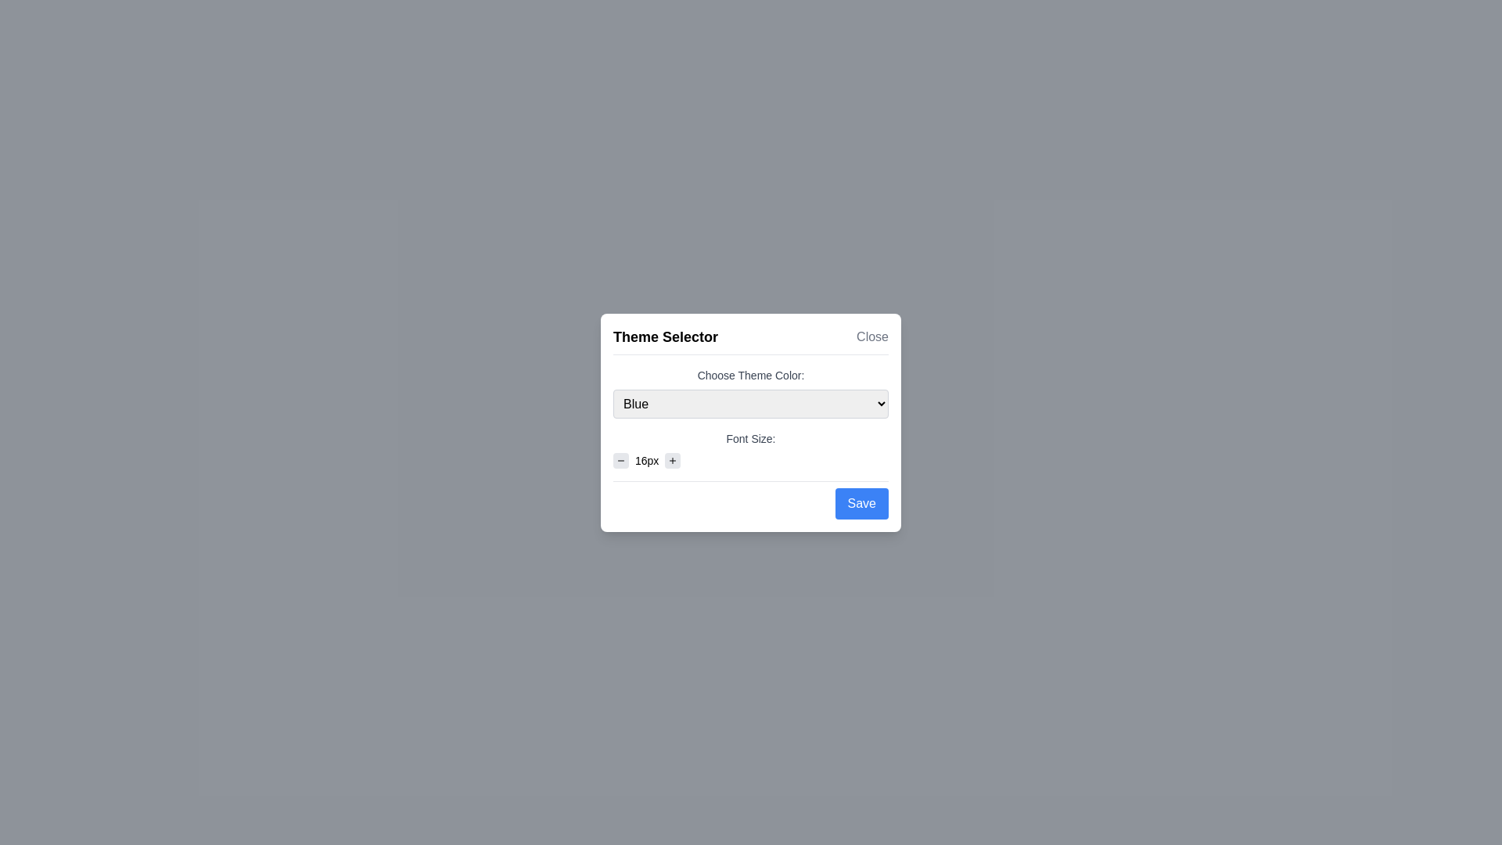 Image resolution: width=1502 pixels, height=845 pixels. I want to click on the Save button located at the bottom-right corner of the modal dialog, so click(861, 503).